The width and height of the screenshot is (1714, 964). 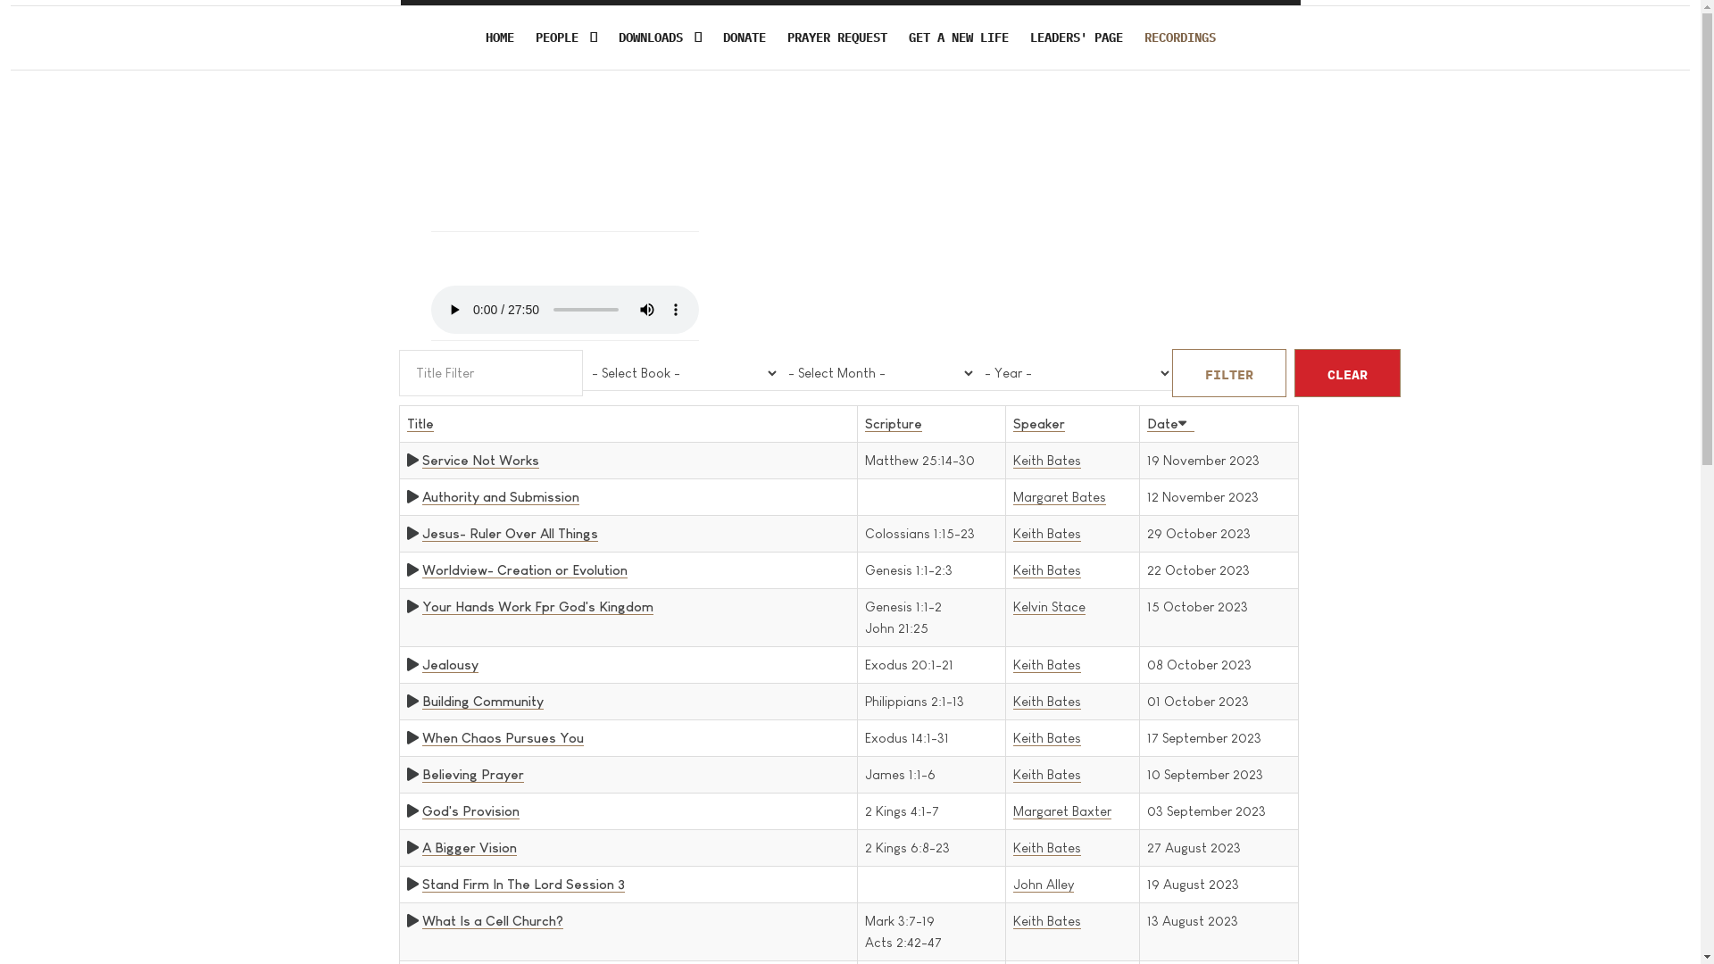 What do you see at coordinates (481, 701) in the screenshot?
I see `'Building Community'` at bounding box center [481, 701].